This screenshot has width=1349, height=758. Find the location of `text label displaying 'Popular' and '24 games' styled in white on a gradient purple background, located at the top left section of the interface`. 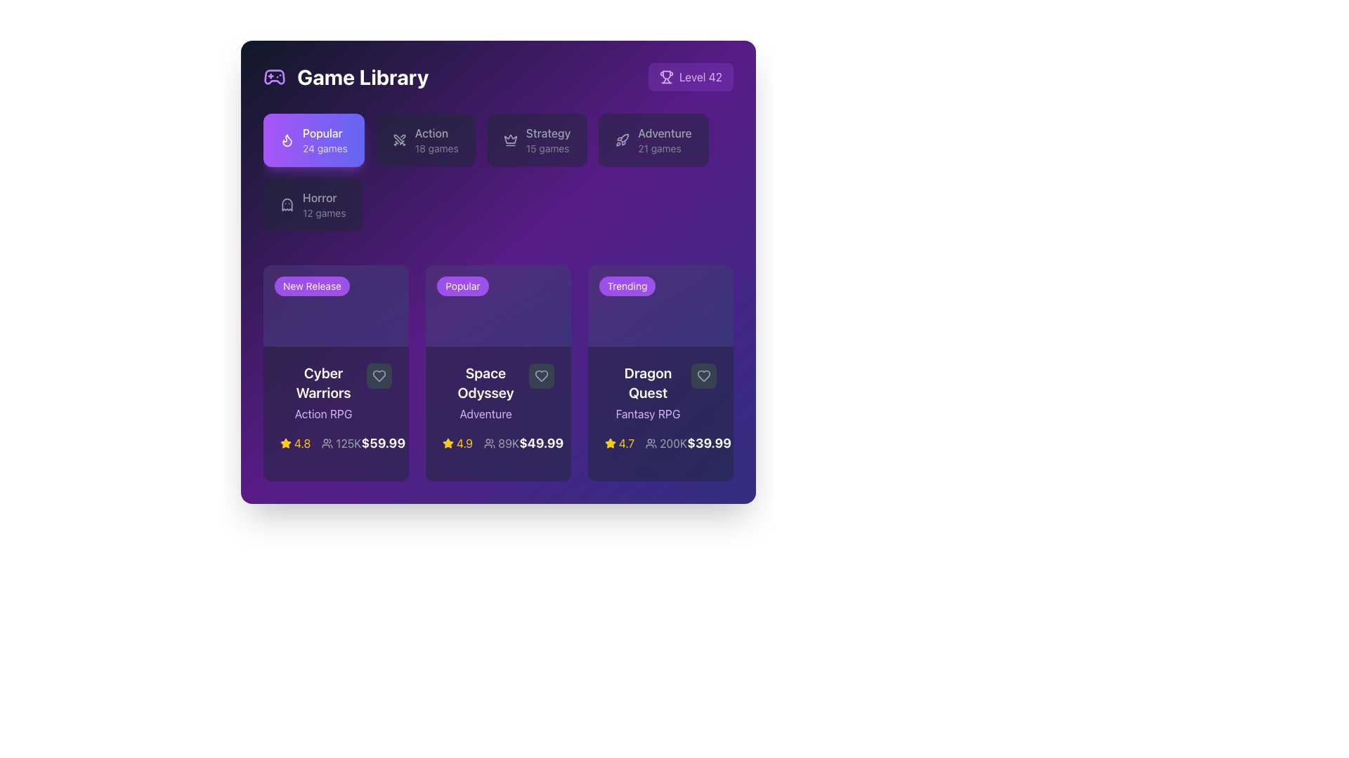

text label displaying 'Popular' and '24 games' styled in white on a gradient purple background, located at the top left section of the interface is located at coordinates (324, 140).